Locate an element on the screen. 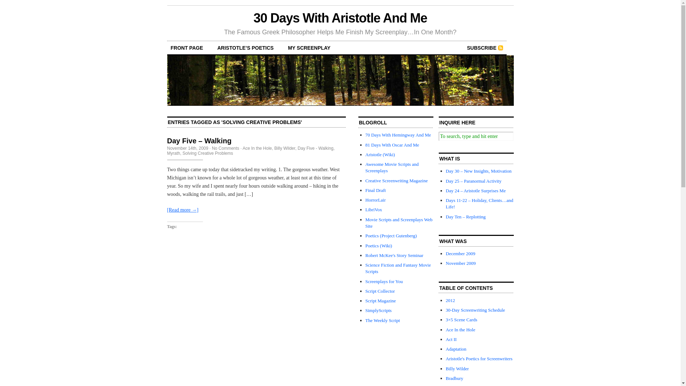 The height and width of the screenshot is (386, 686). 'Script Magazine' is located at coordinates (380, 301).